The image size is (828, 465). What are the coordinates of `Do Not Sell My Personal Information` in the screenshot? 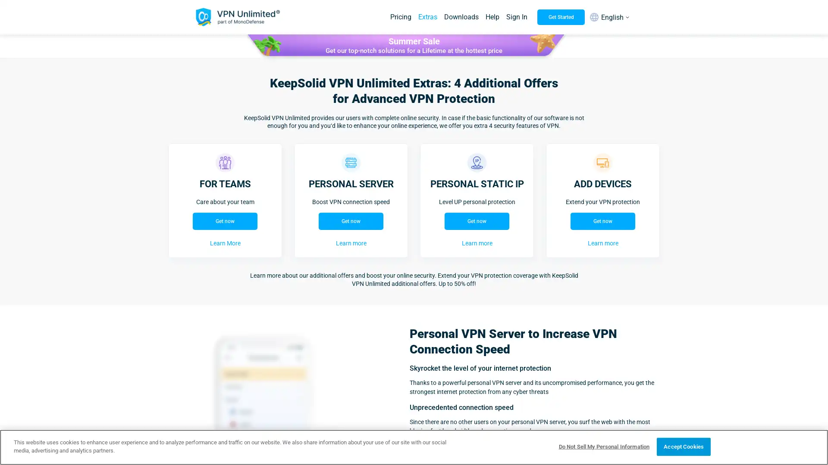 It's located at (603, 446).